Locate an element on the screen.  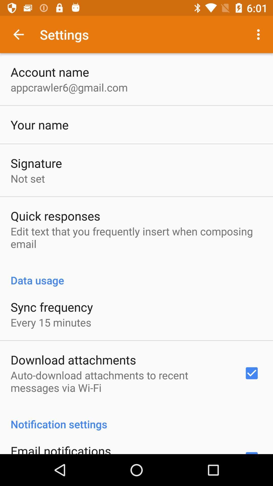
item above the appcrawler6@gmail.com app is located at coordinates (50, 72).